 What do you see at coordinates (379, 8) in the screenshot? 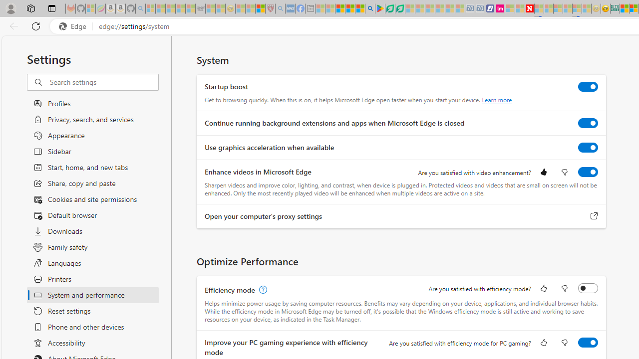
I see `'Bluey: Let'` at bounding box center [379, 8].